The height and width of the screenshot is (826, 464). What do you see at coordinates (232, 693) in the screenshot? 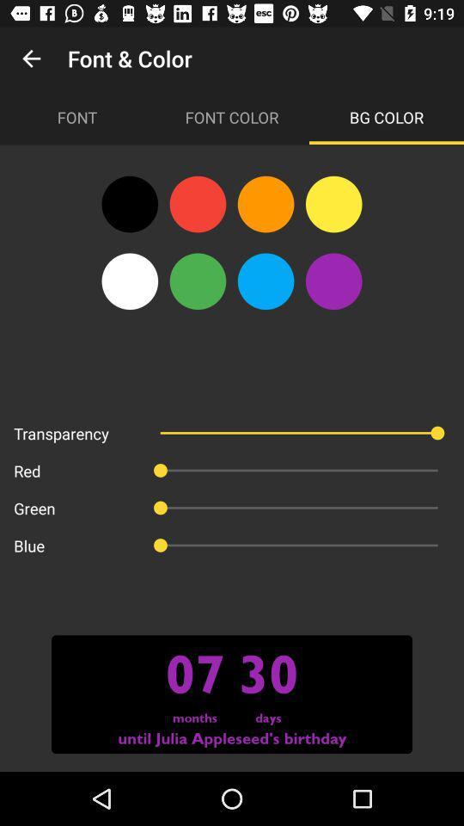
I see `the image in the bottom line of the web page` at bounding box center [232, 693].